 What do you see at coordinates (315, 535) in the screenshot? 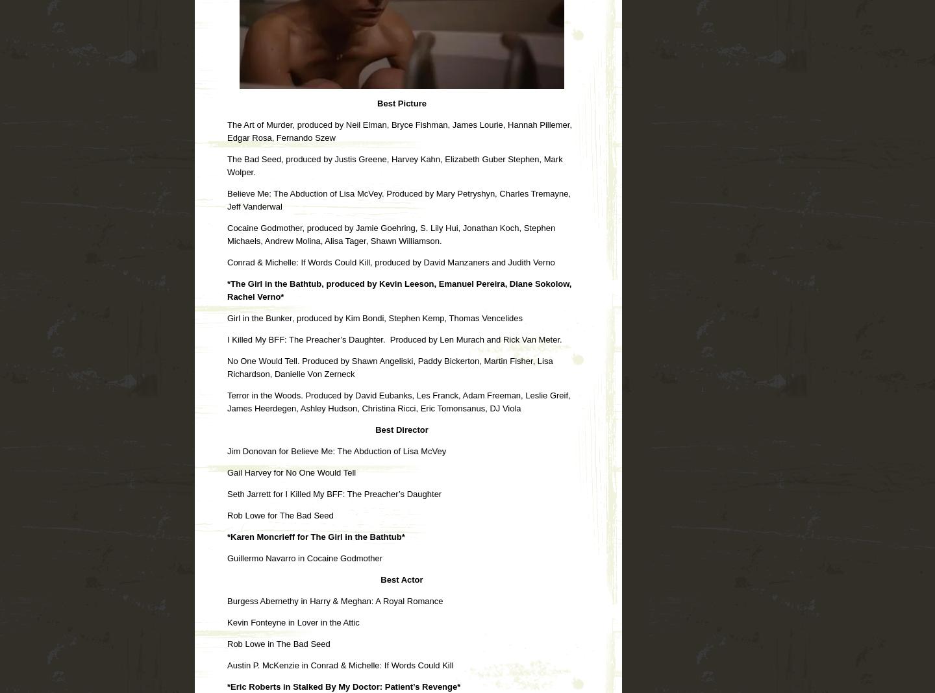
I see `'*Karen Moncrieff for The Girl in the Bathtub*'` at bounding box center [315, 535].